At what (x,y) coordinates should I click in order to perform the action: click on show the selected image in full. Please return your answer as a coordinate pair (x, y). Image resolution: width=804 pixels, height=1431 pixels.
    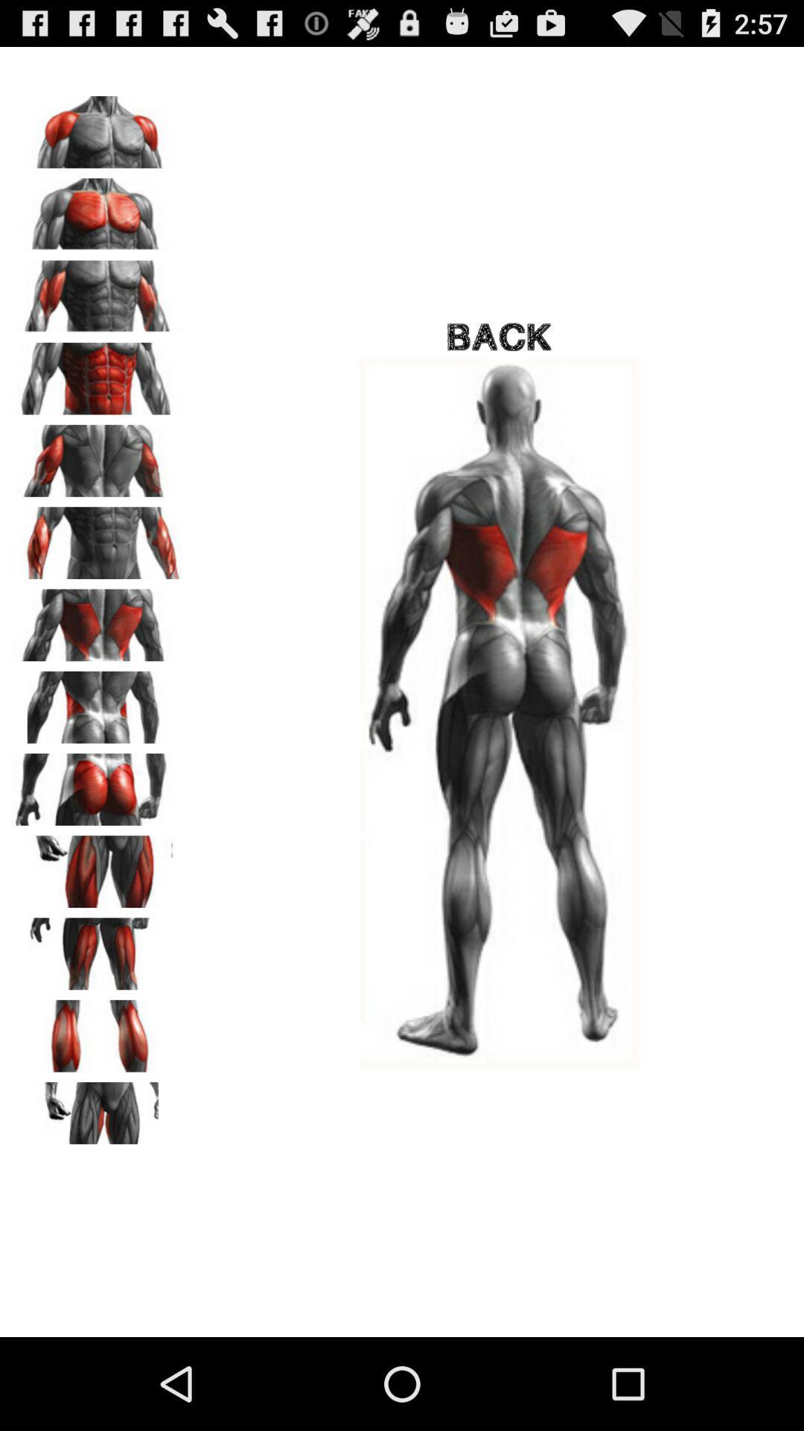
    Looking at the image, I should click on (98, 537).